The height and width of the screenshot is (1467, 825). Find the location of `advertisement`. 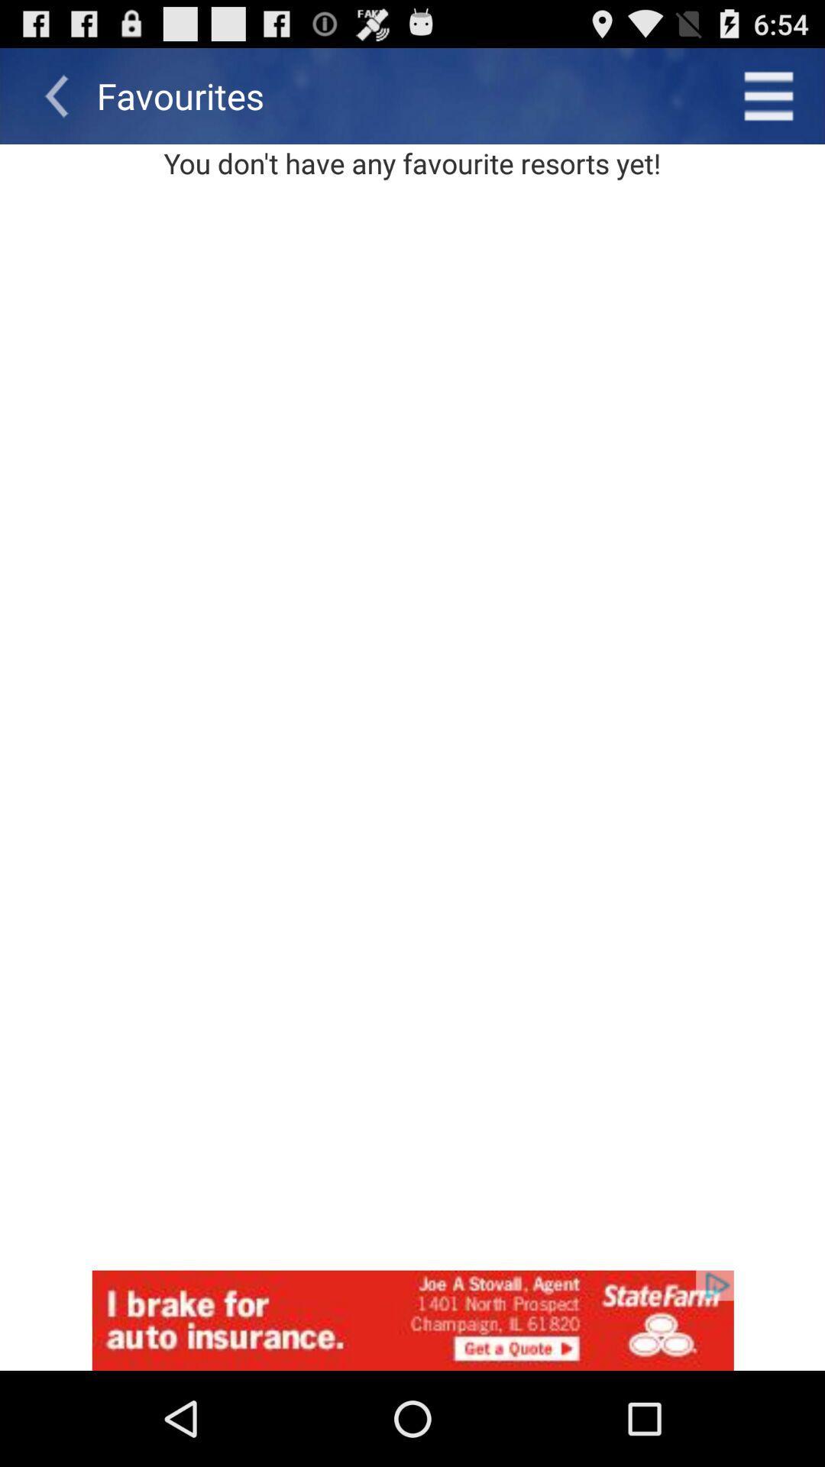

advertisement is located at coordinates (412, 1320).